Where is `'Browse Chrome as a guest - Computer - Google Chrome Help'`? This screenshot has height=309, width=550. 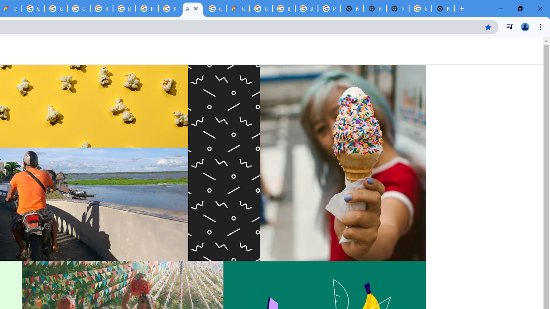
'Browse Chrome as a guest - Computer - Google Chrome Help' is located at coordinates (284, 9).